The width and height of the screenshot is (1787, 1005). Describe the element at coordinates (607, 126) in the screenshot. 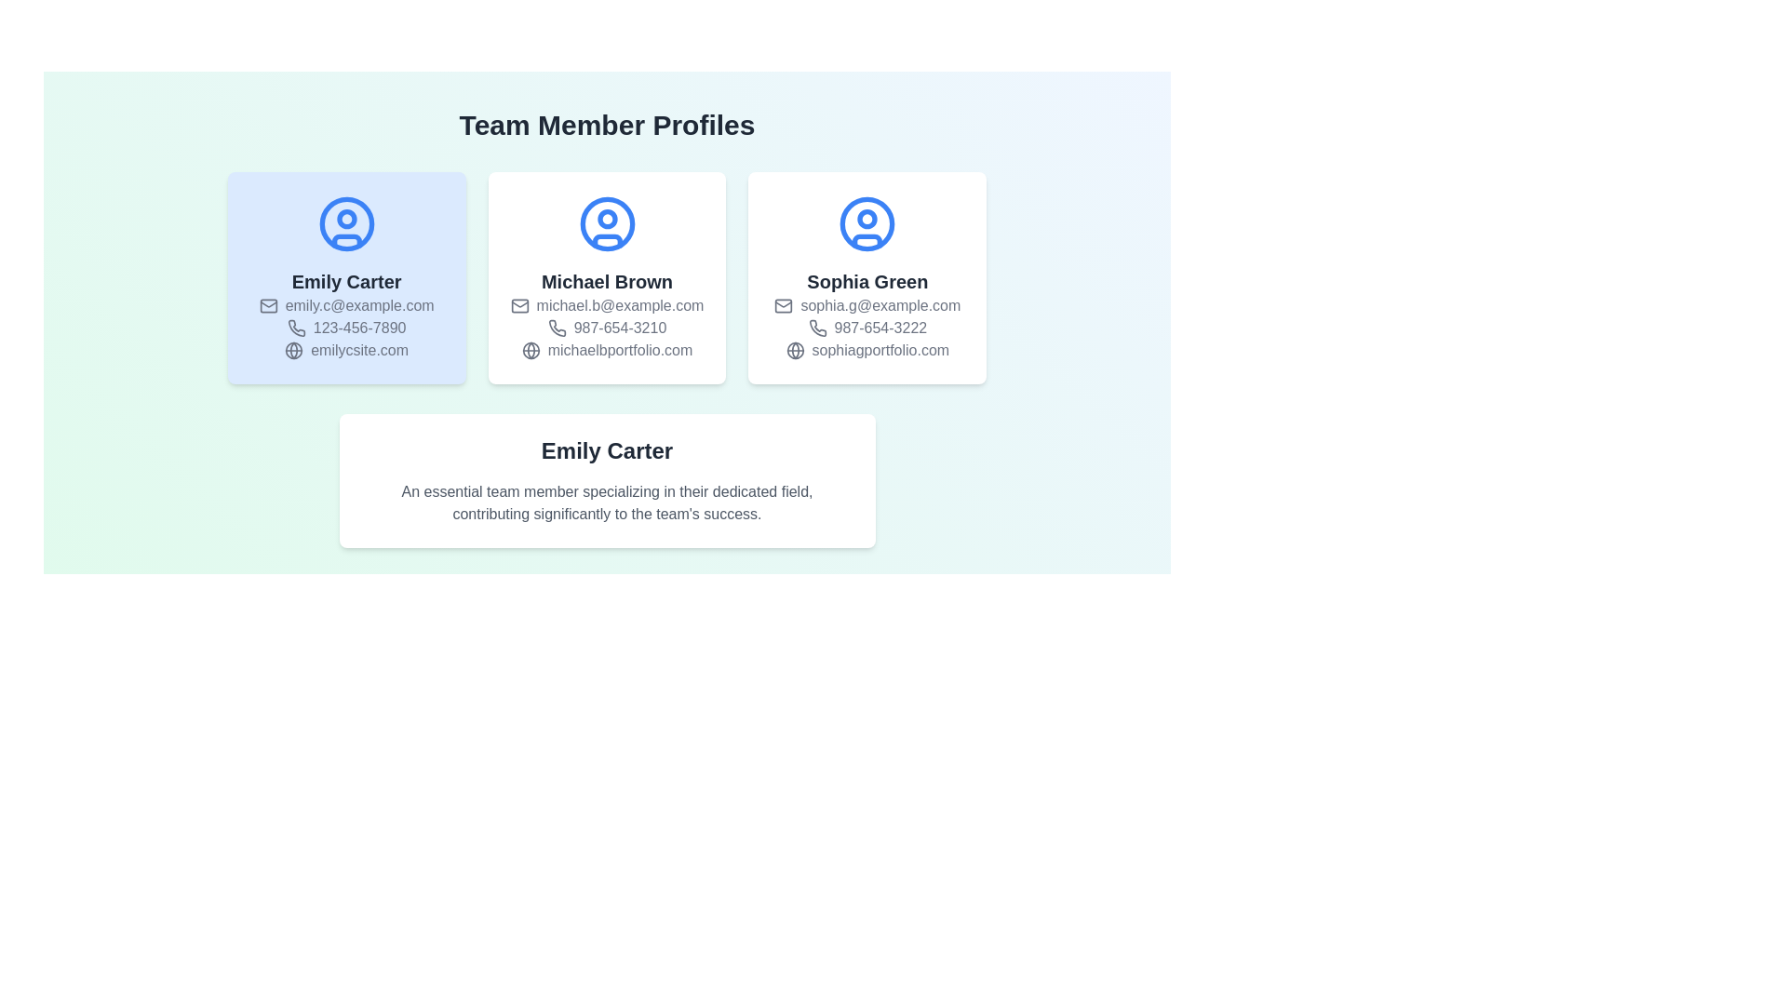

I see `text from the centered large text label that displays 'Team Member Profiles.'` at that location.